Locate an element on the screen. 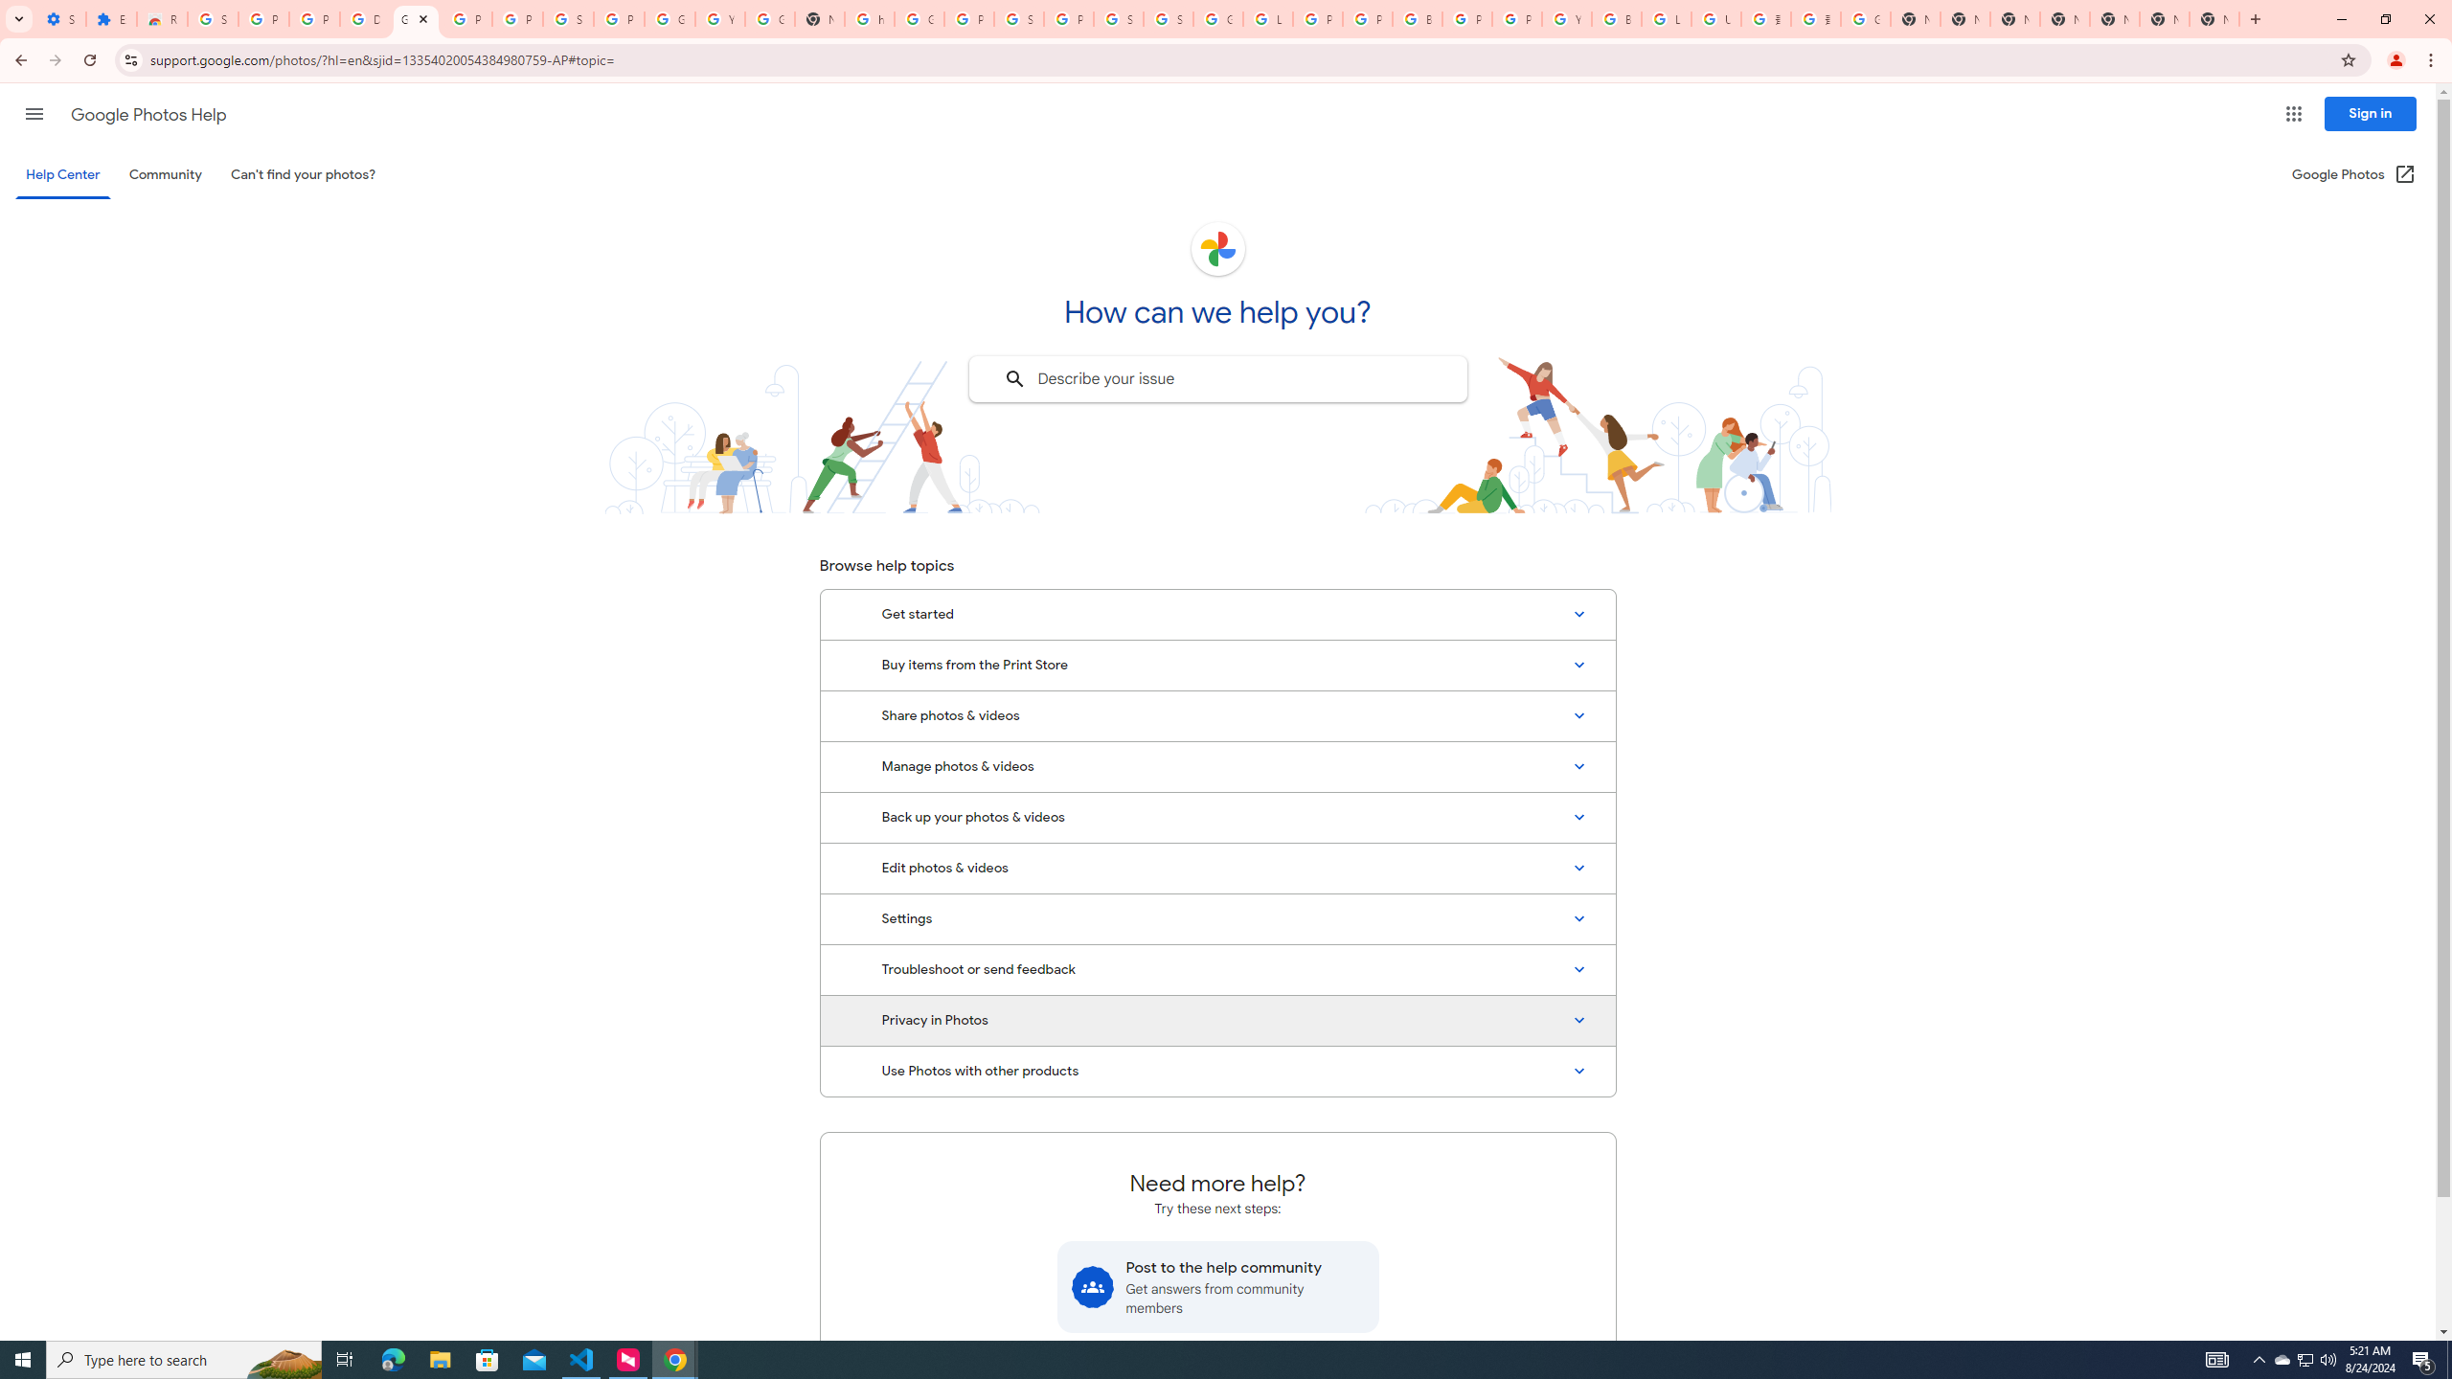 The image size is (2452, 1379). 'Can' is located at coordinates (304, 173).